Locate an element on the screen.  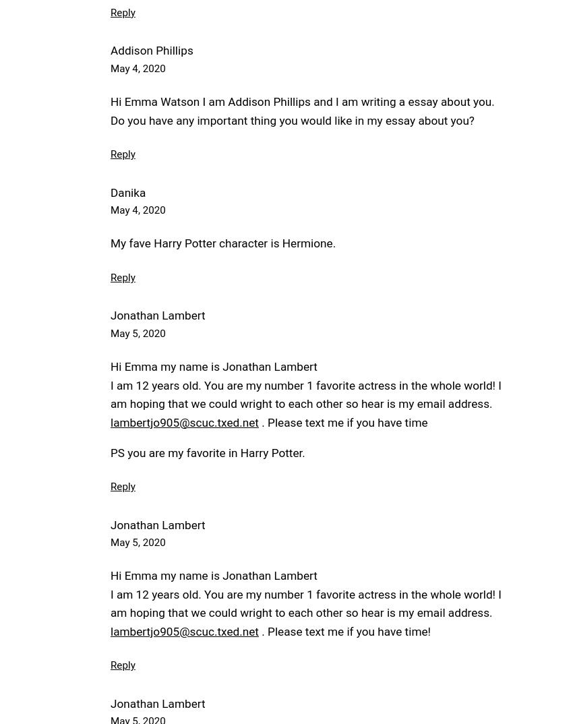
'My fave Harry Potter character is Hermione.' is located at coordinates (222, 242).